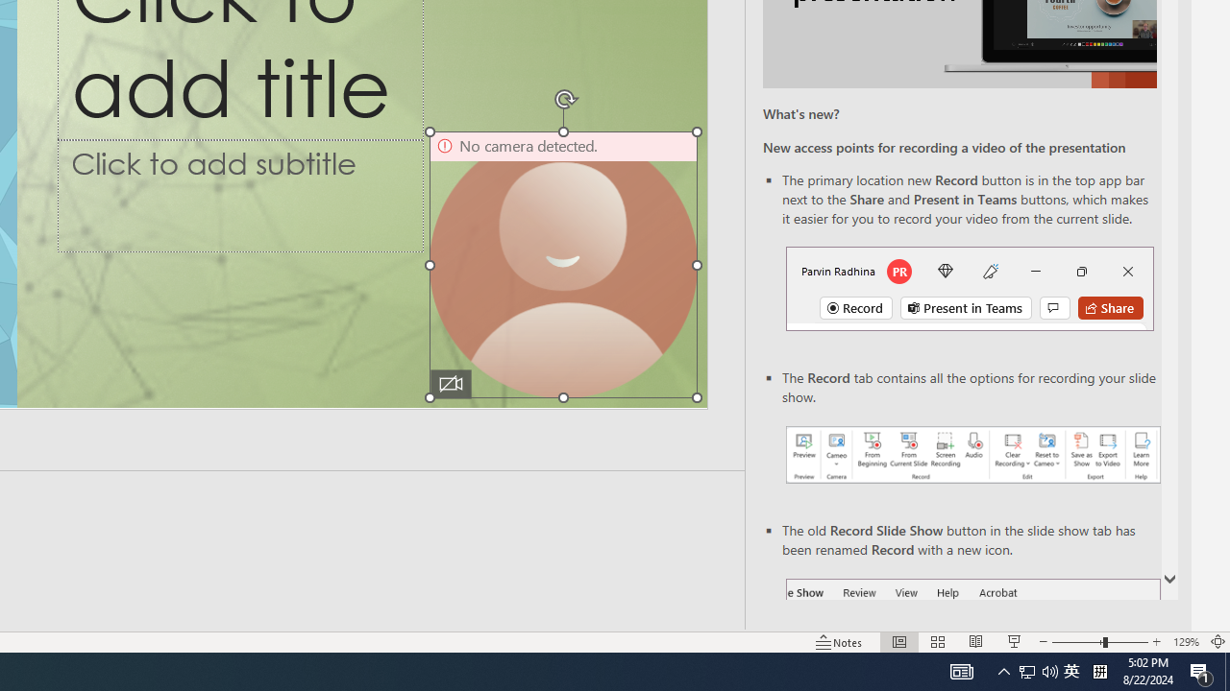 This screenshot has height=691, width=1230. What do you see at coordinates (1156, 642) in the screenshot?
I see `'Zoom In'` at bounding box center [1156, 642].